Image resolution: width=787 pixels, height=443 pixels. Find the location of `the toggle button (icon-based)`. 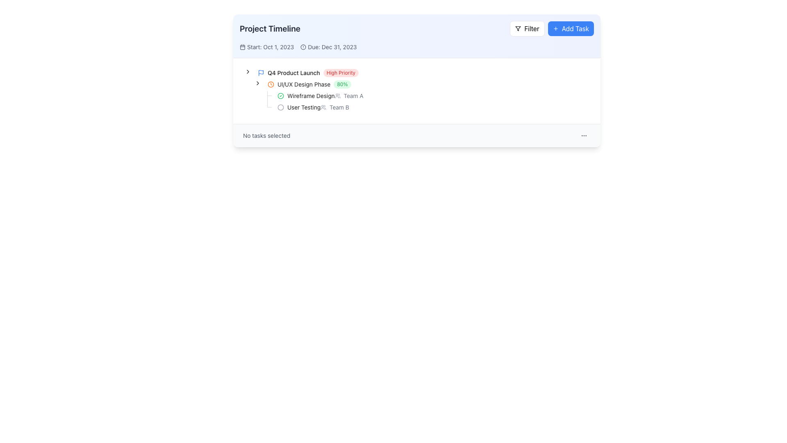

the toggle button (icon-based) is located at coordinates (257, 83).